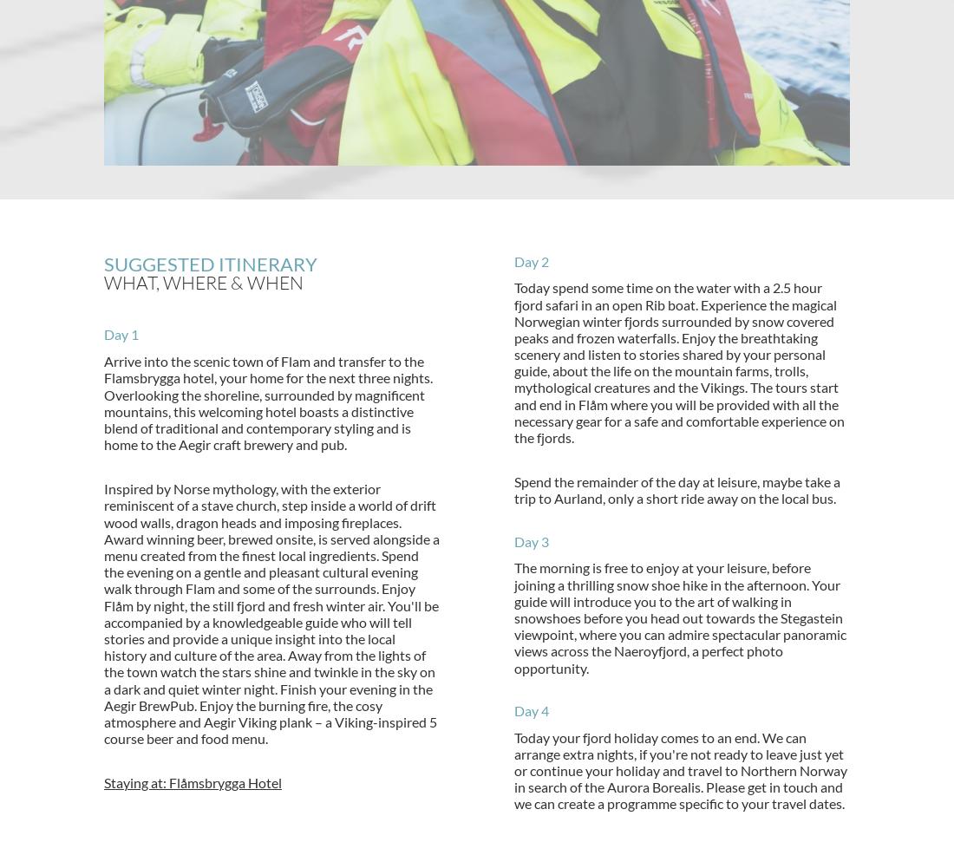 Image resolution: width=954 pixels, height=842 pixels. I want to click on 'WHAT, WHERE & WHEN', so click(203, 281).